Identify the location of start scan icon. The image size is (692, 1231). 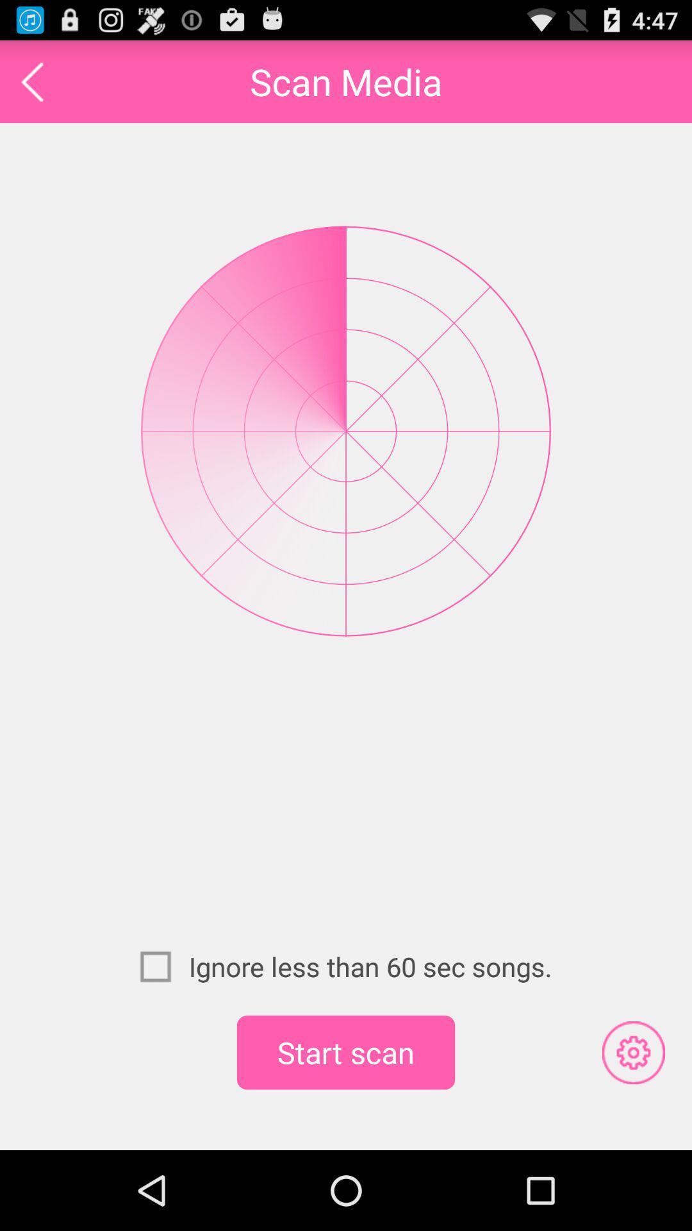
(346, 1052).